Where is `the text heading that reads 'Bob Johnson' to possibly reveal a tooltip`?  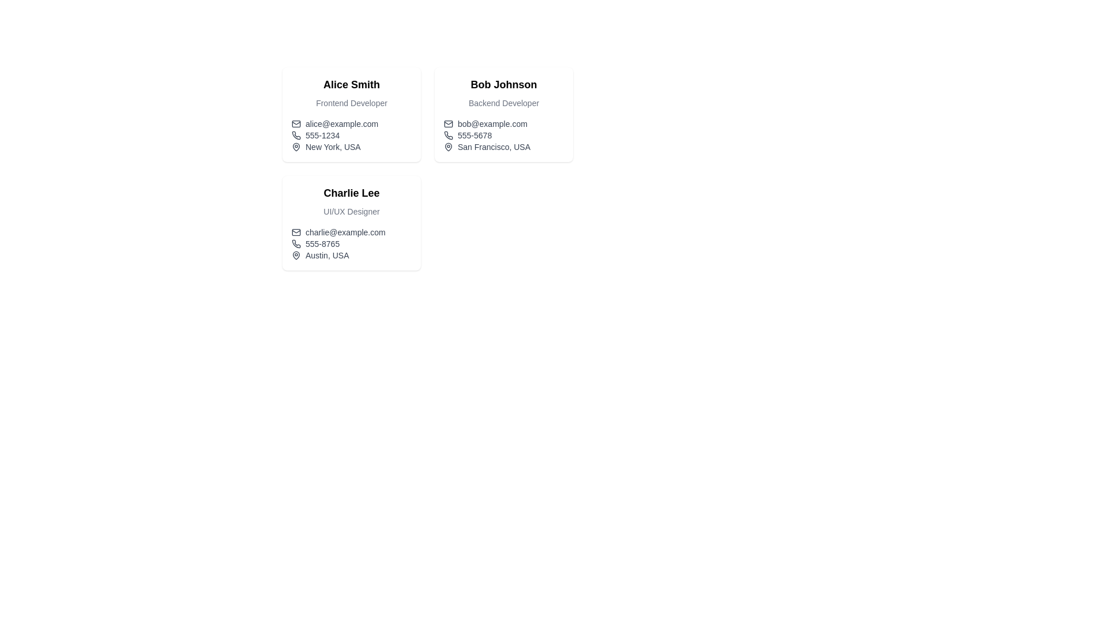 the text heading that reads 'Bob Johnson' to possibly reveal a tooltip is located at coordinates (503, 84).